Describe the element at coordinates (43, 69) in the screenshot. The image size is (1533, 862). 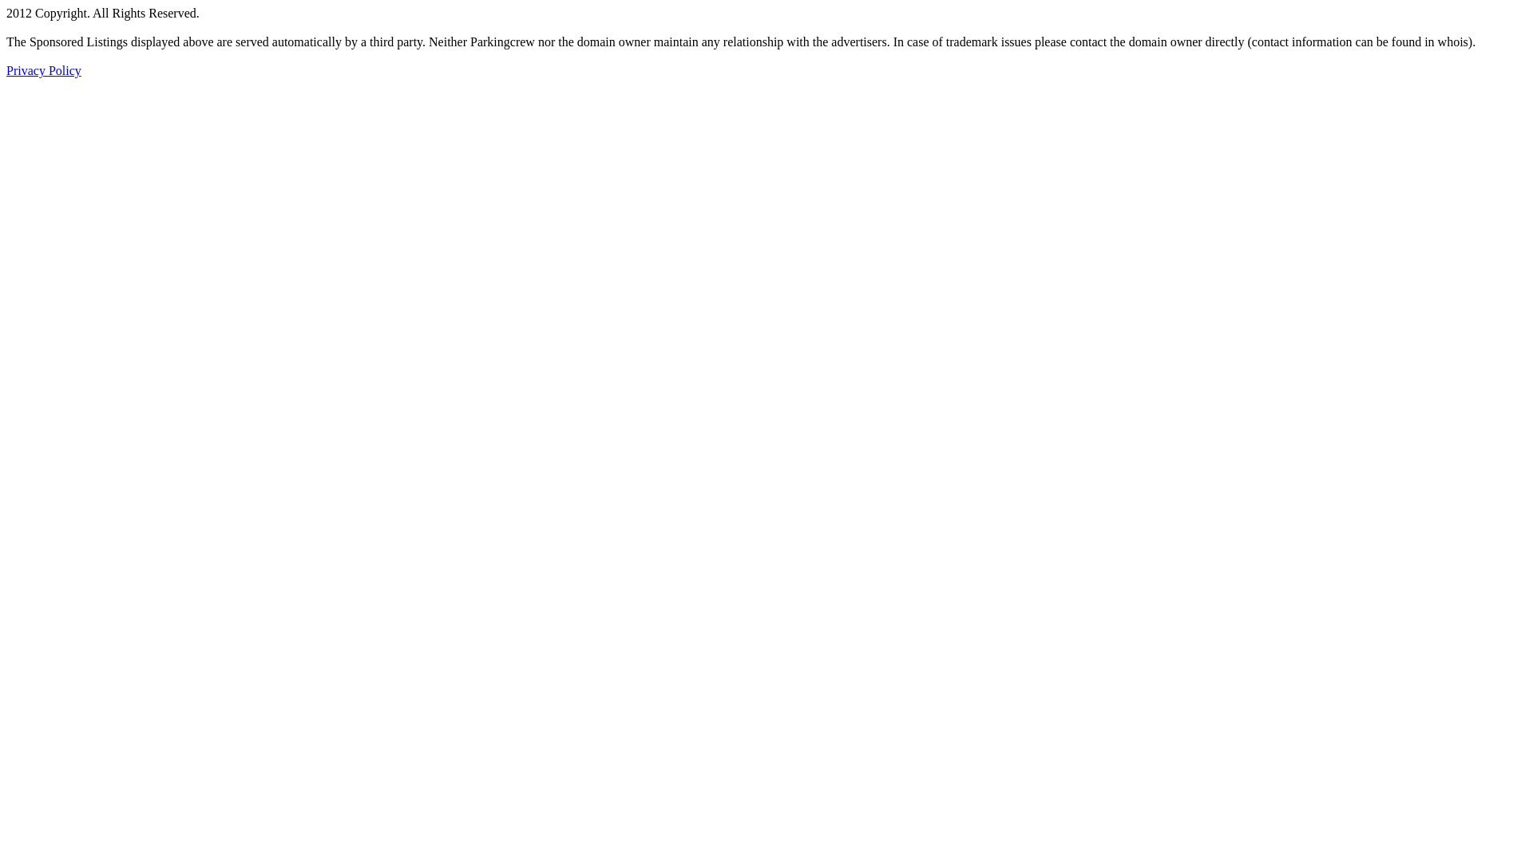
I see `'Privacy Policy'` at that location.